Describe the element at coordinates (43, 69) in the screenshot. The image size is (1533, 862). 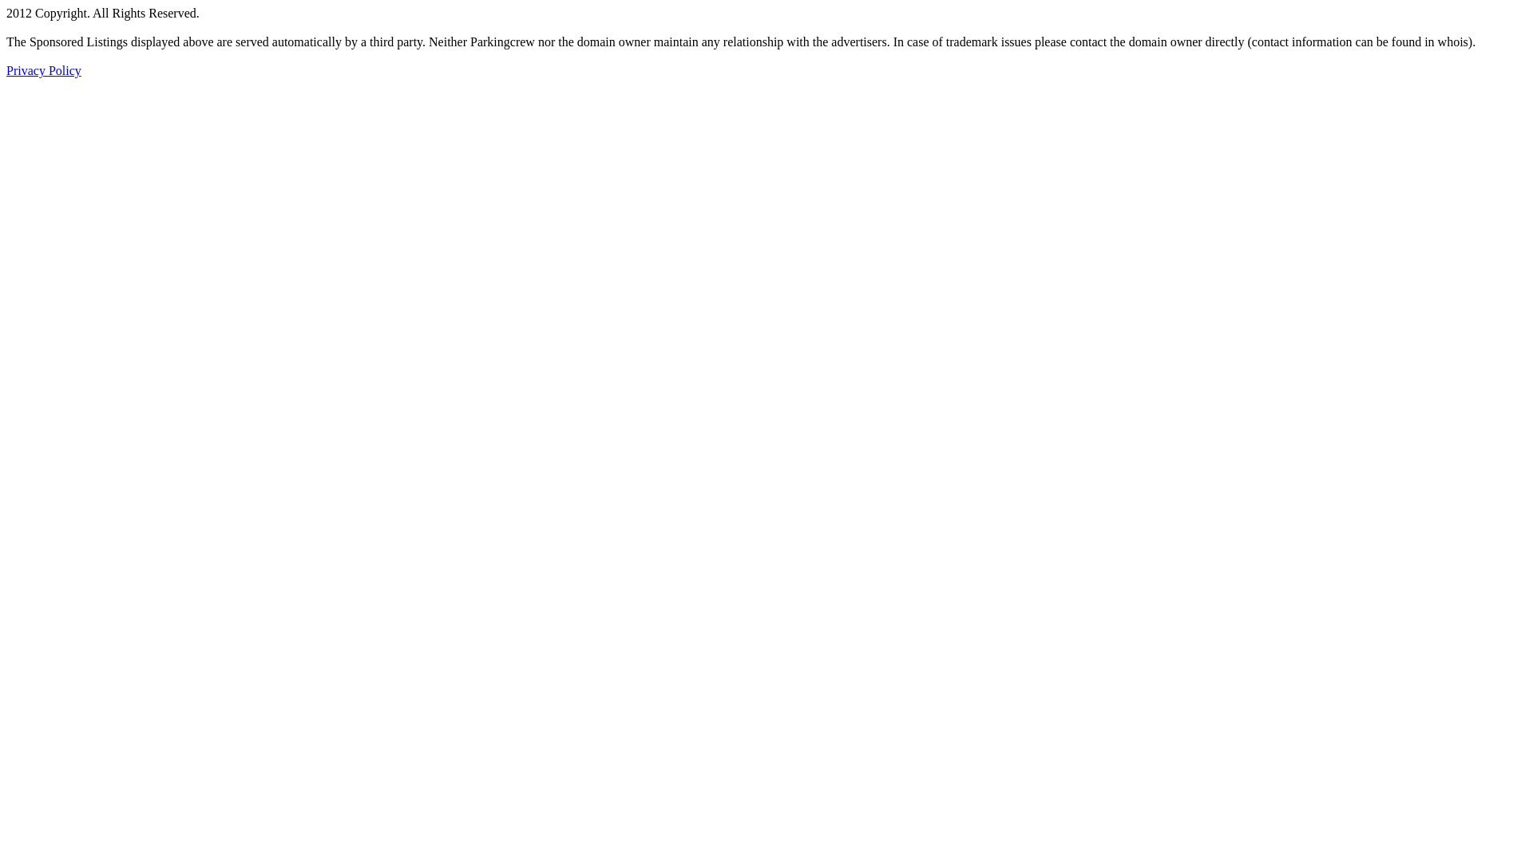
I see `'Privacy Policy'` at that location.